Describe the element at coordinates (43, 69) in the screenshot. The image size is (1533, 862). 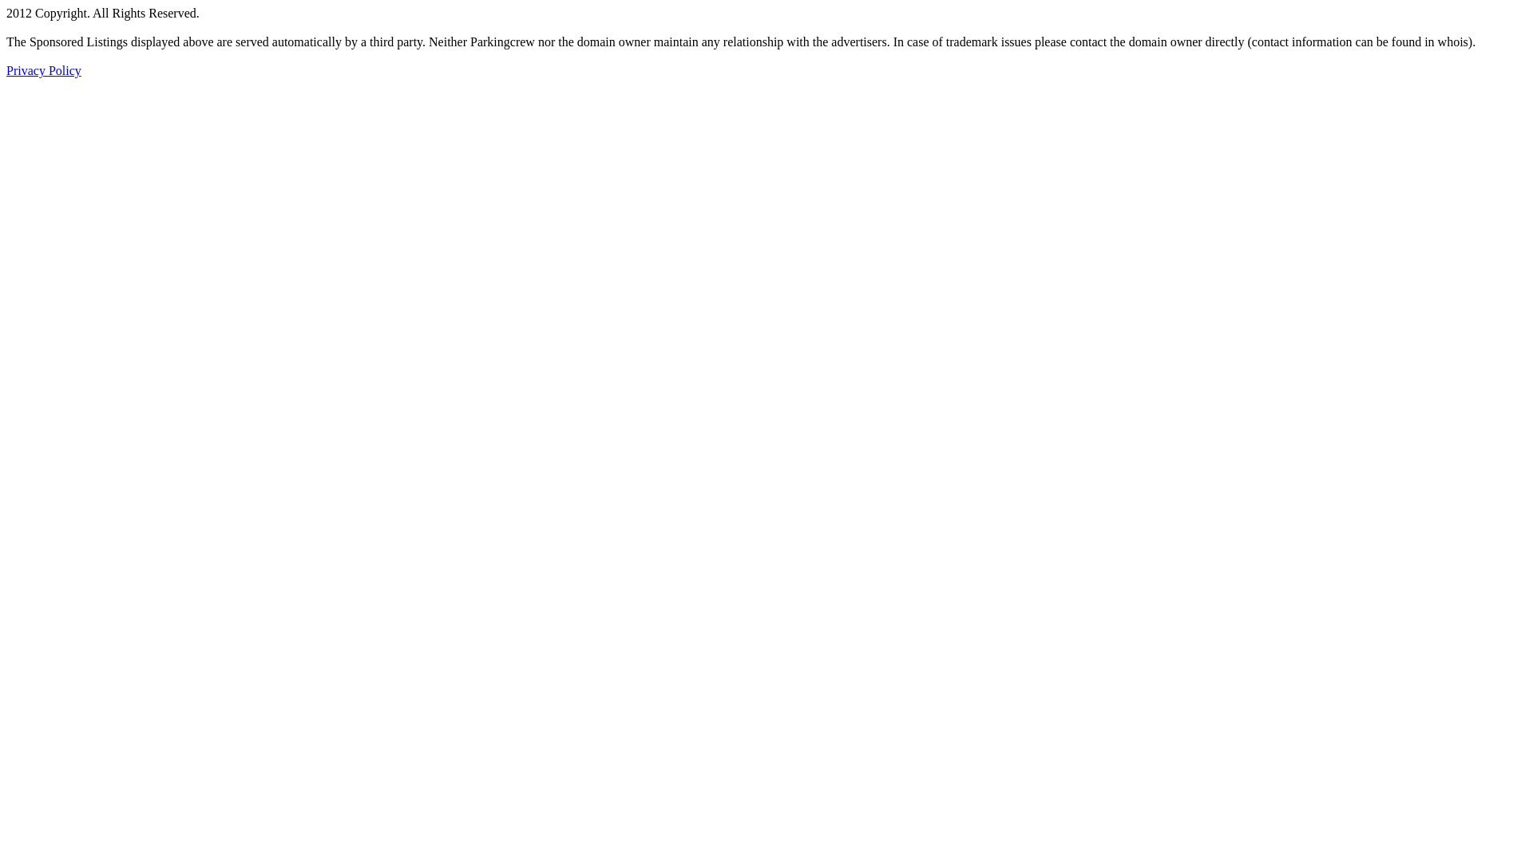
I see `'Privacy Policy'` at that location.